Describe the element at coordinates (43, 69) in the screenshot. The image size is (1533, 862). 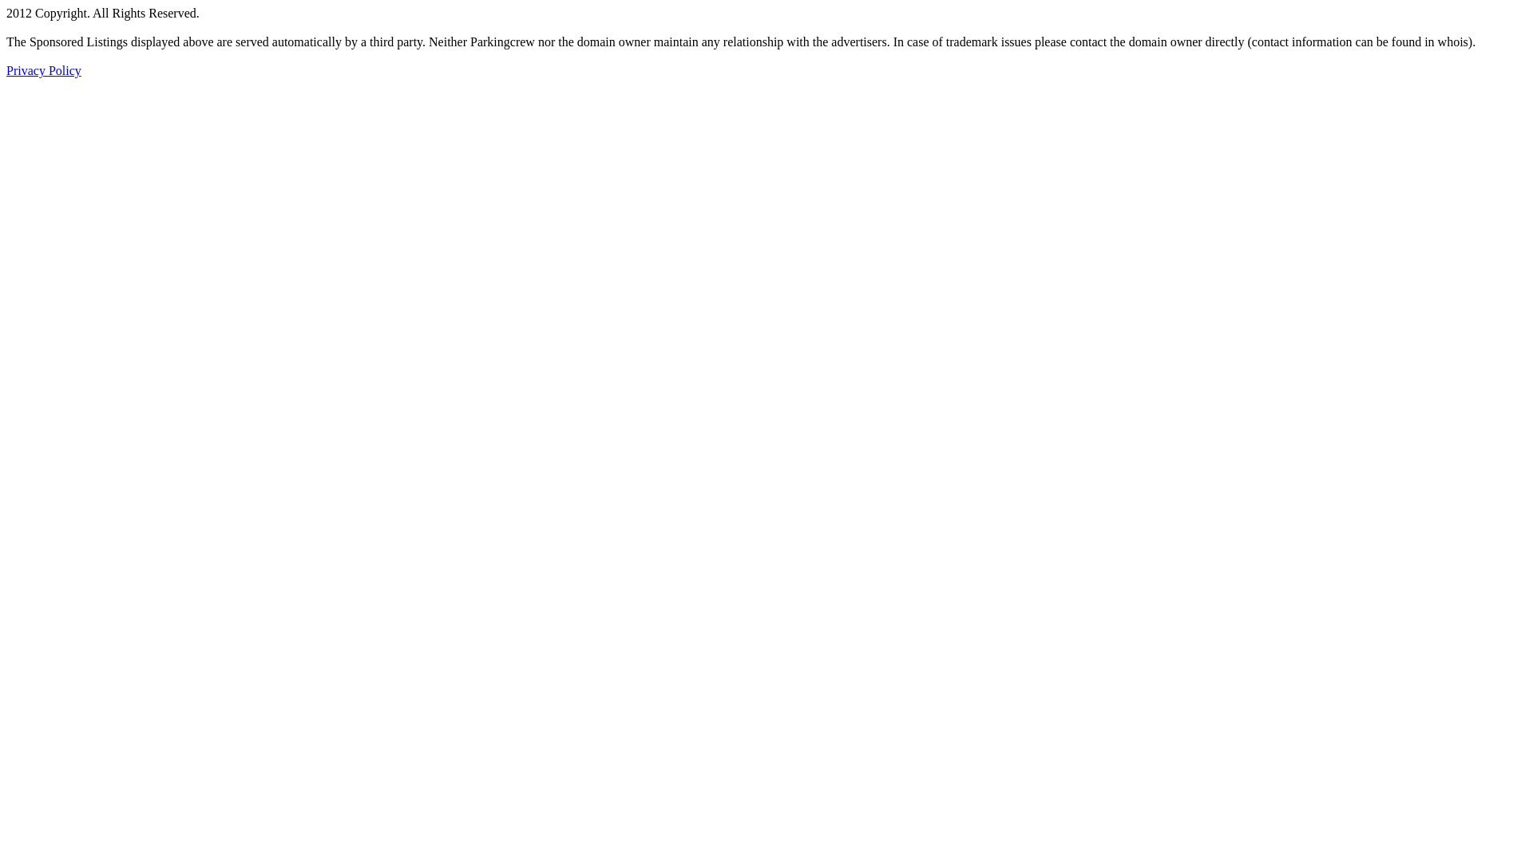
I see `'Privacy Policy'` at that location.